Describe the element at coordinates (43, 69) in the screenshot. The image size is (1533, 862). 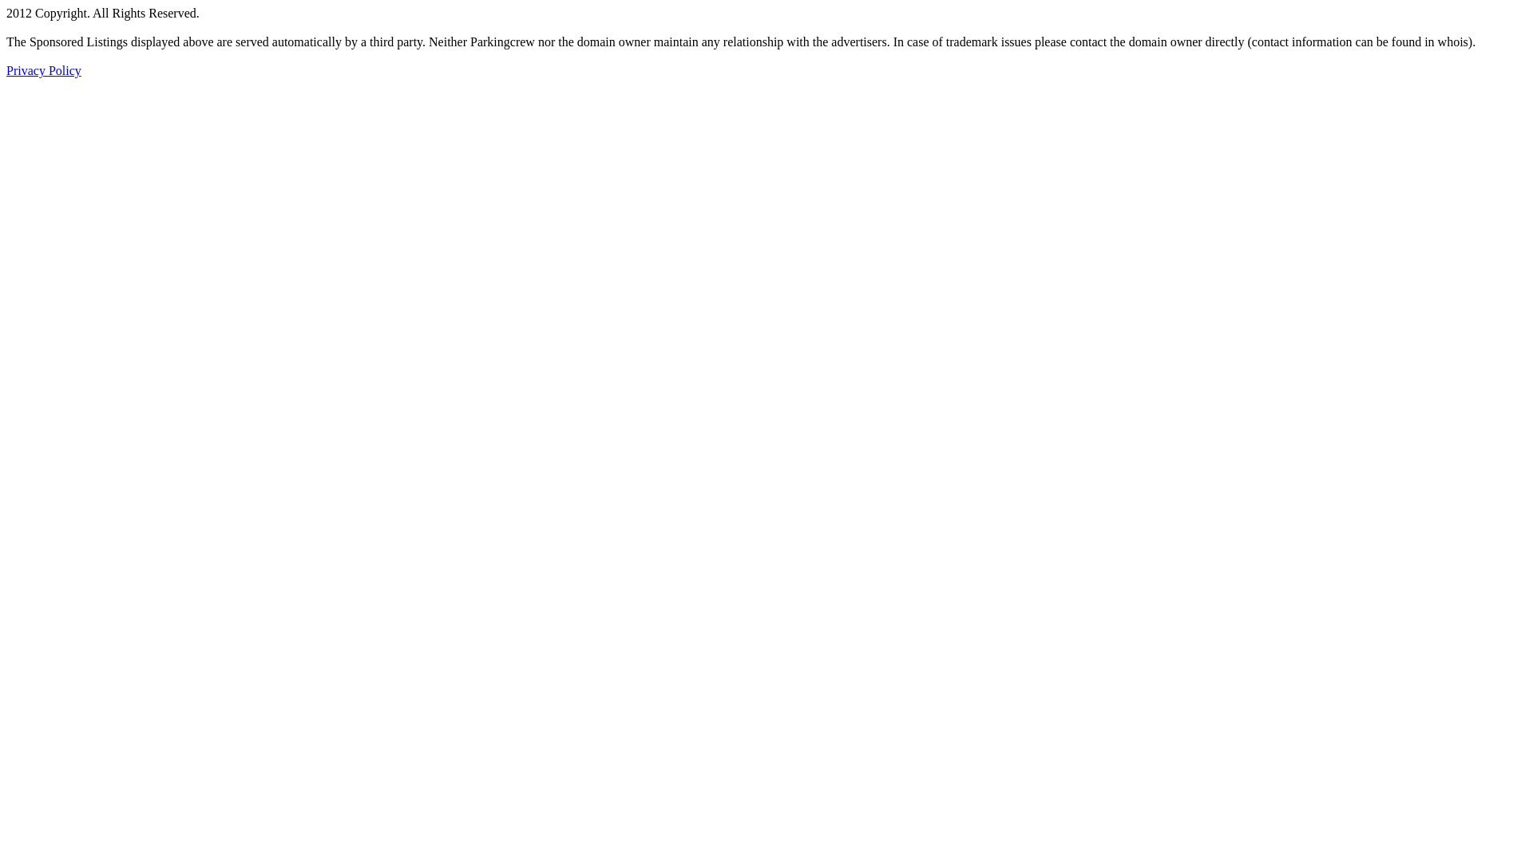
I see `'Privacy Policy'` at that location.